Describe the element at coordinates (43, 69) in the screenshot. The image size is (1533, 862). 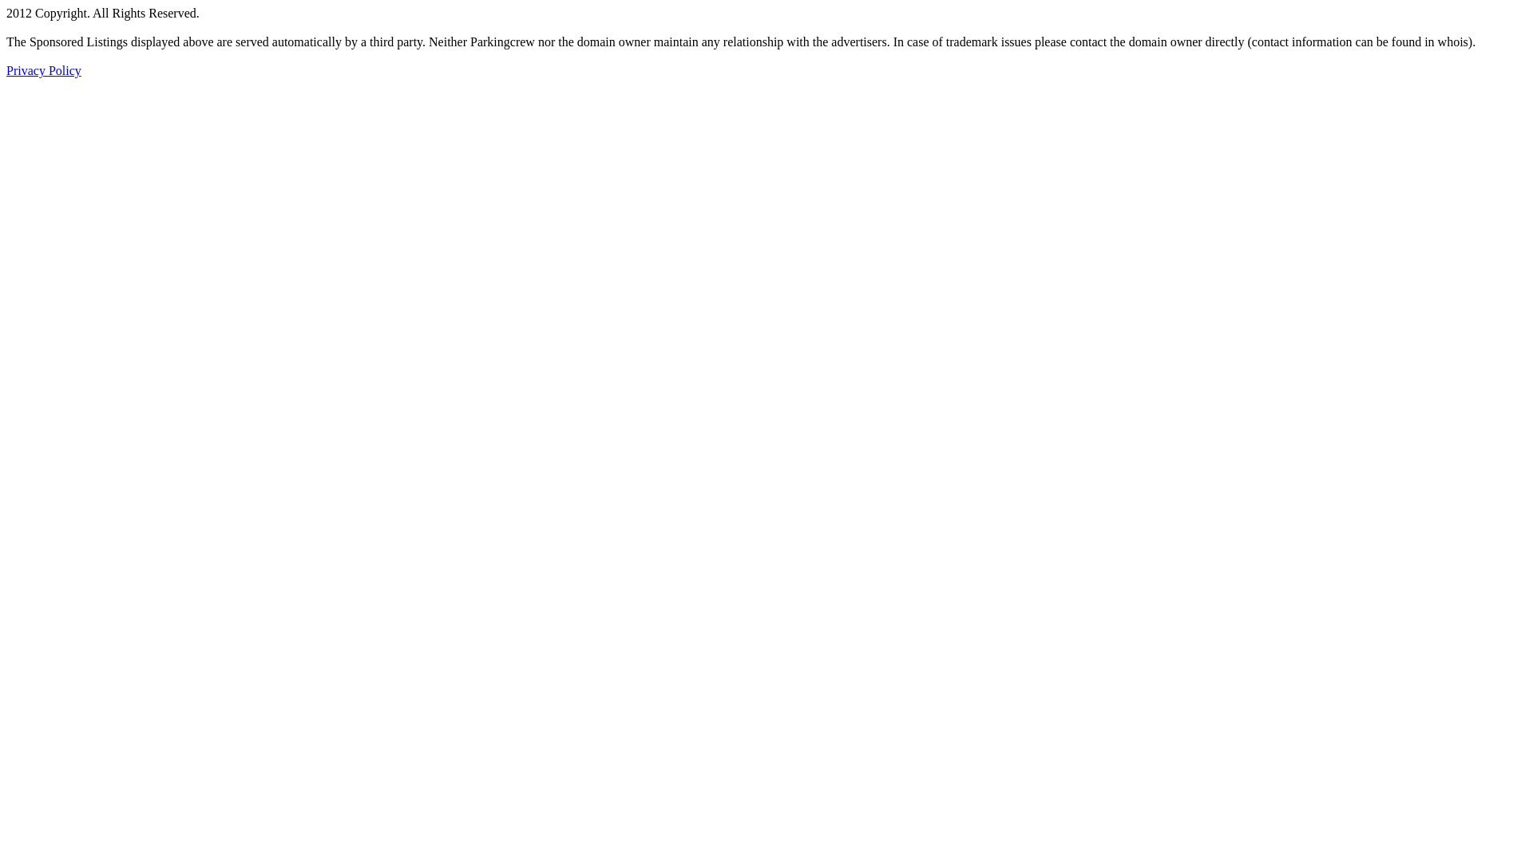
I see `'Privacy Policy'` at that location.